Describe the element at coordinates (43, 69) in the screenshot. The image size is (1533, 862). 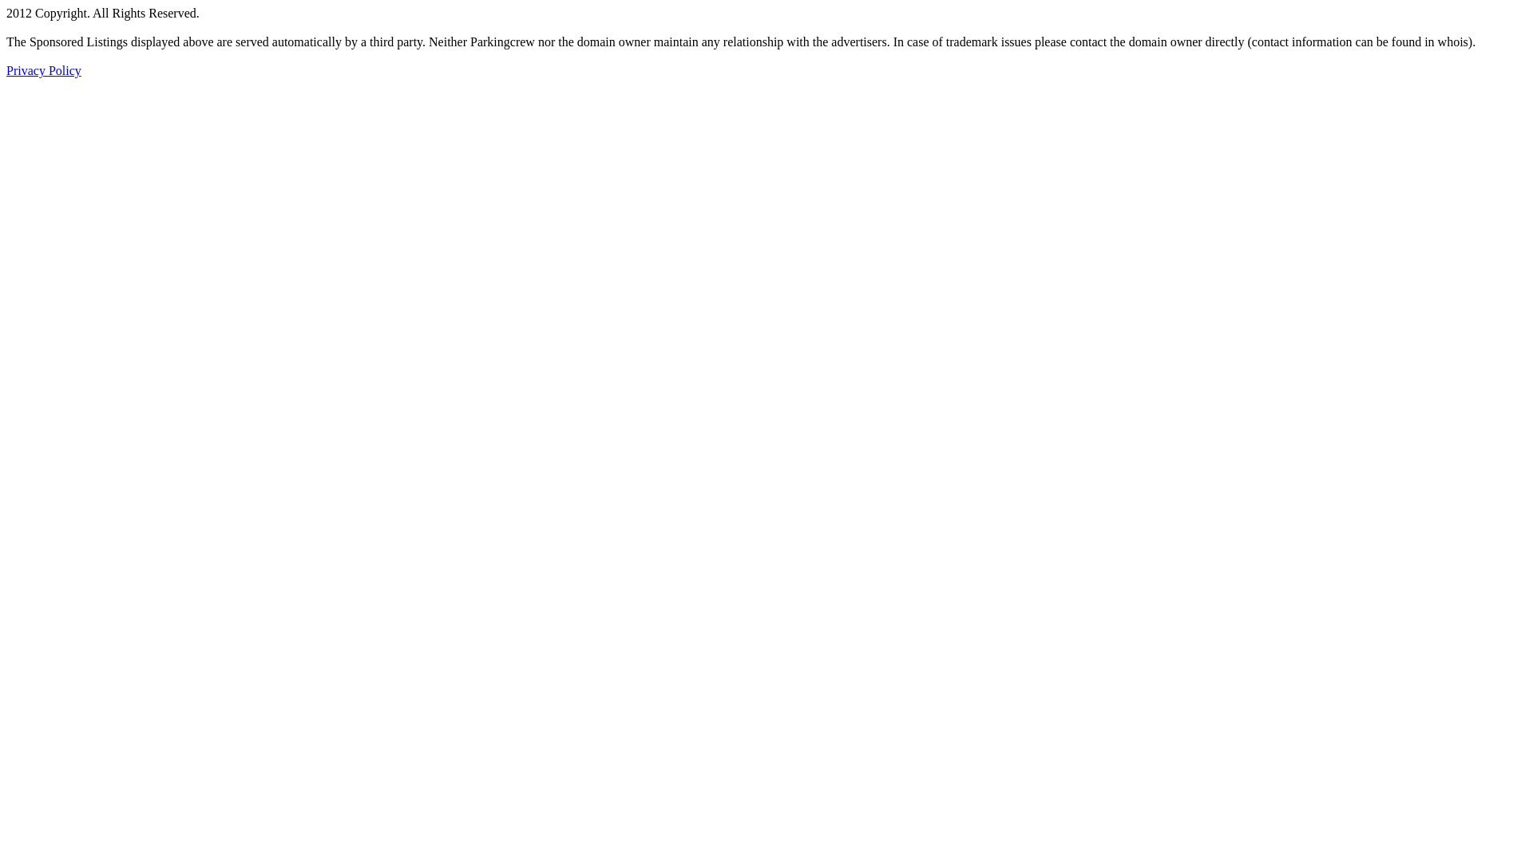
I see `'Privacy Policy'` at that location.